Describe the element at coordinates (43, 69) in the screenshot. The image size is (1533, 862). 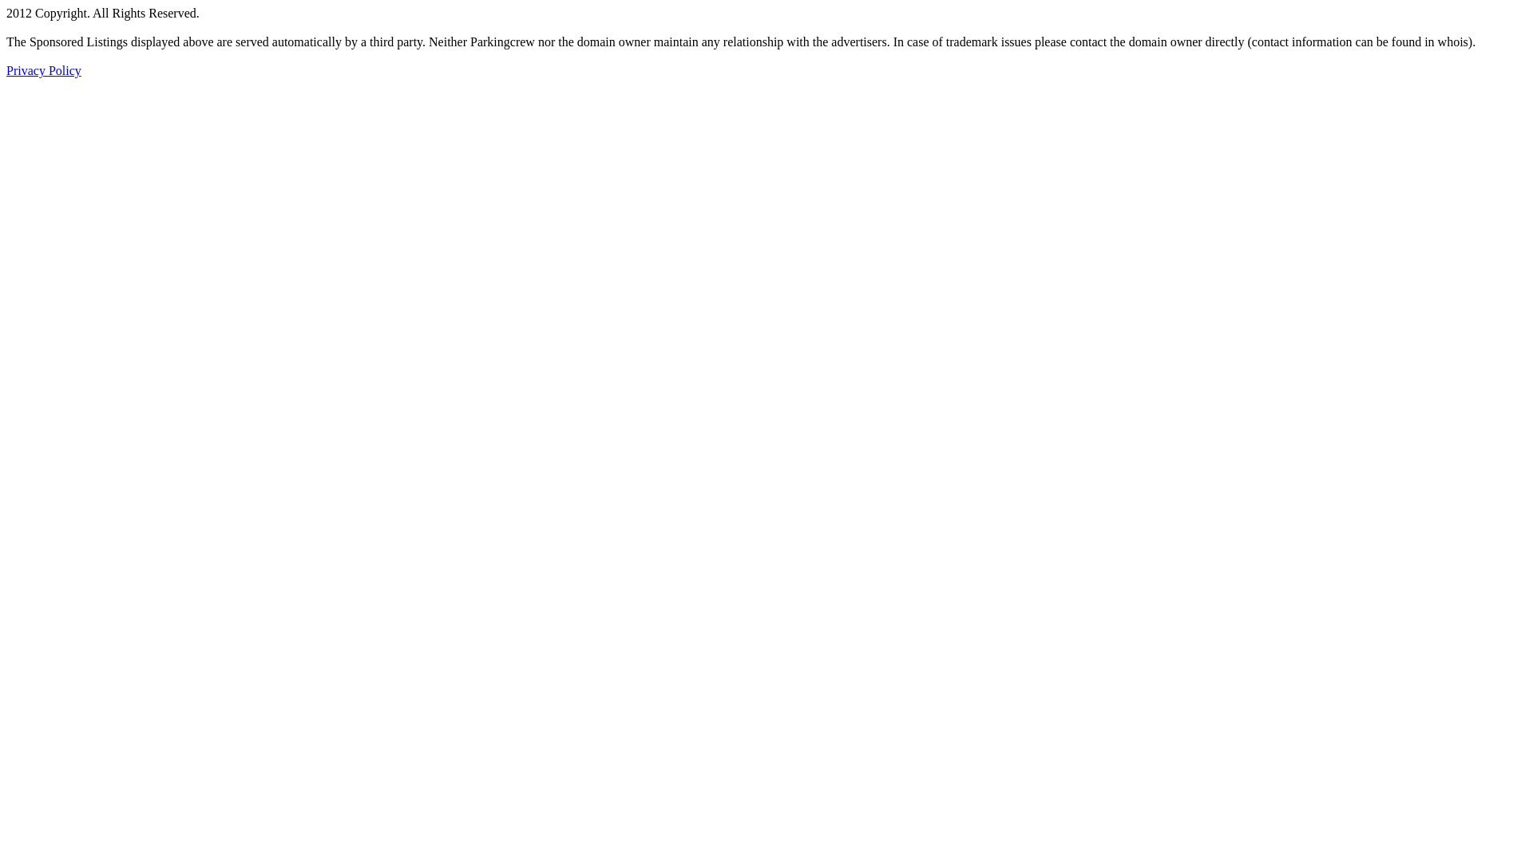
I see `'Privacy Policy'` at that location.